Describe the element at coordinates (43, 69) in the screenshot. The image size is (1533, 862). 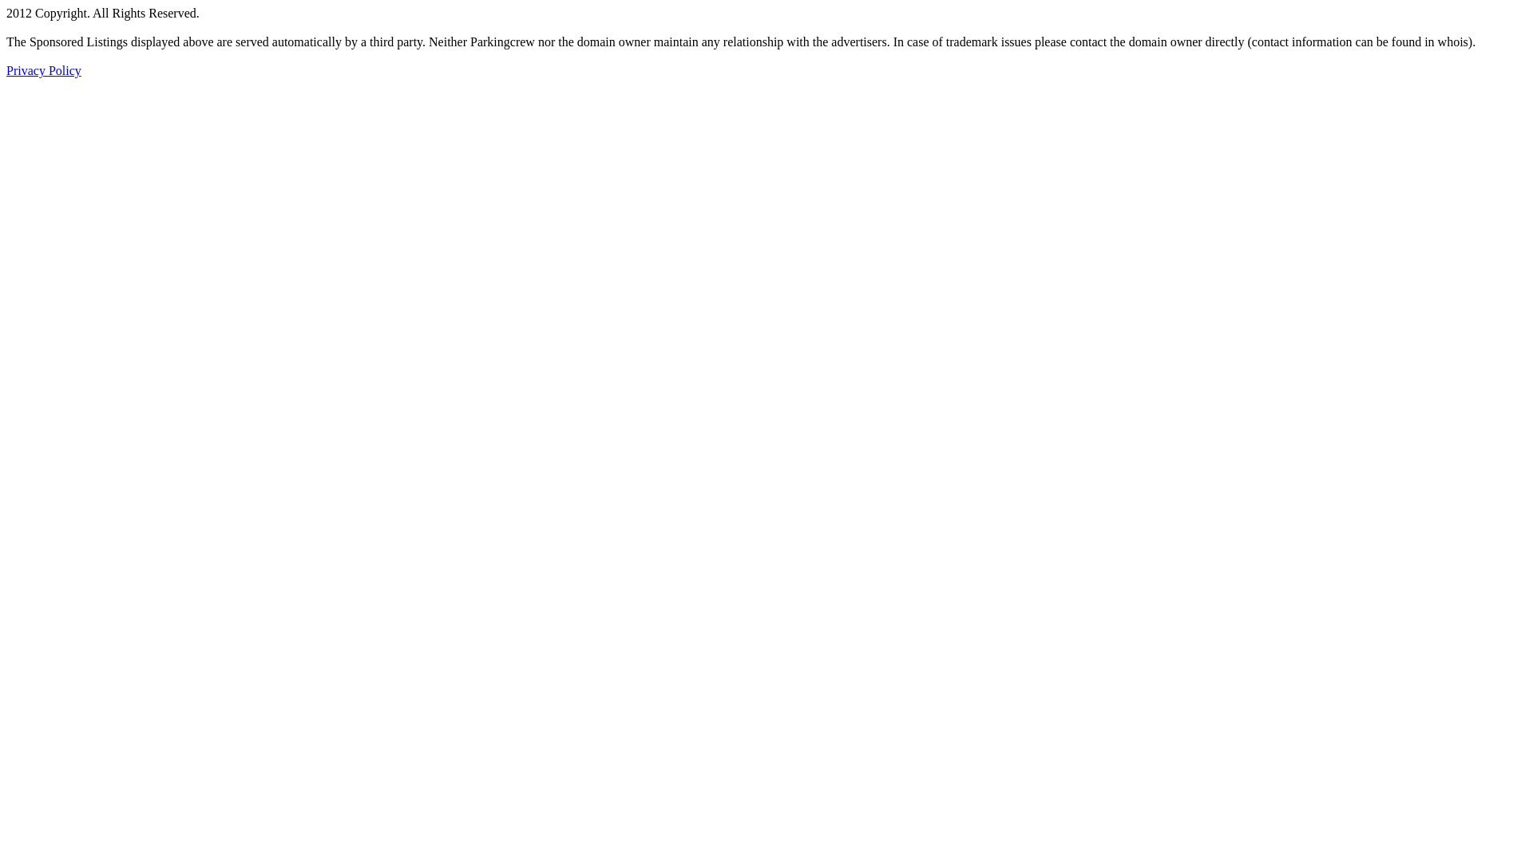
I see `'Privacy Policy'` at that location.